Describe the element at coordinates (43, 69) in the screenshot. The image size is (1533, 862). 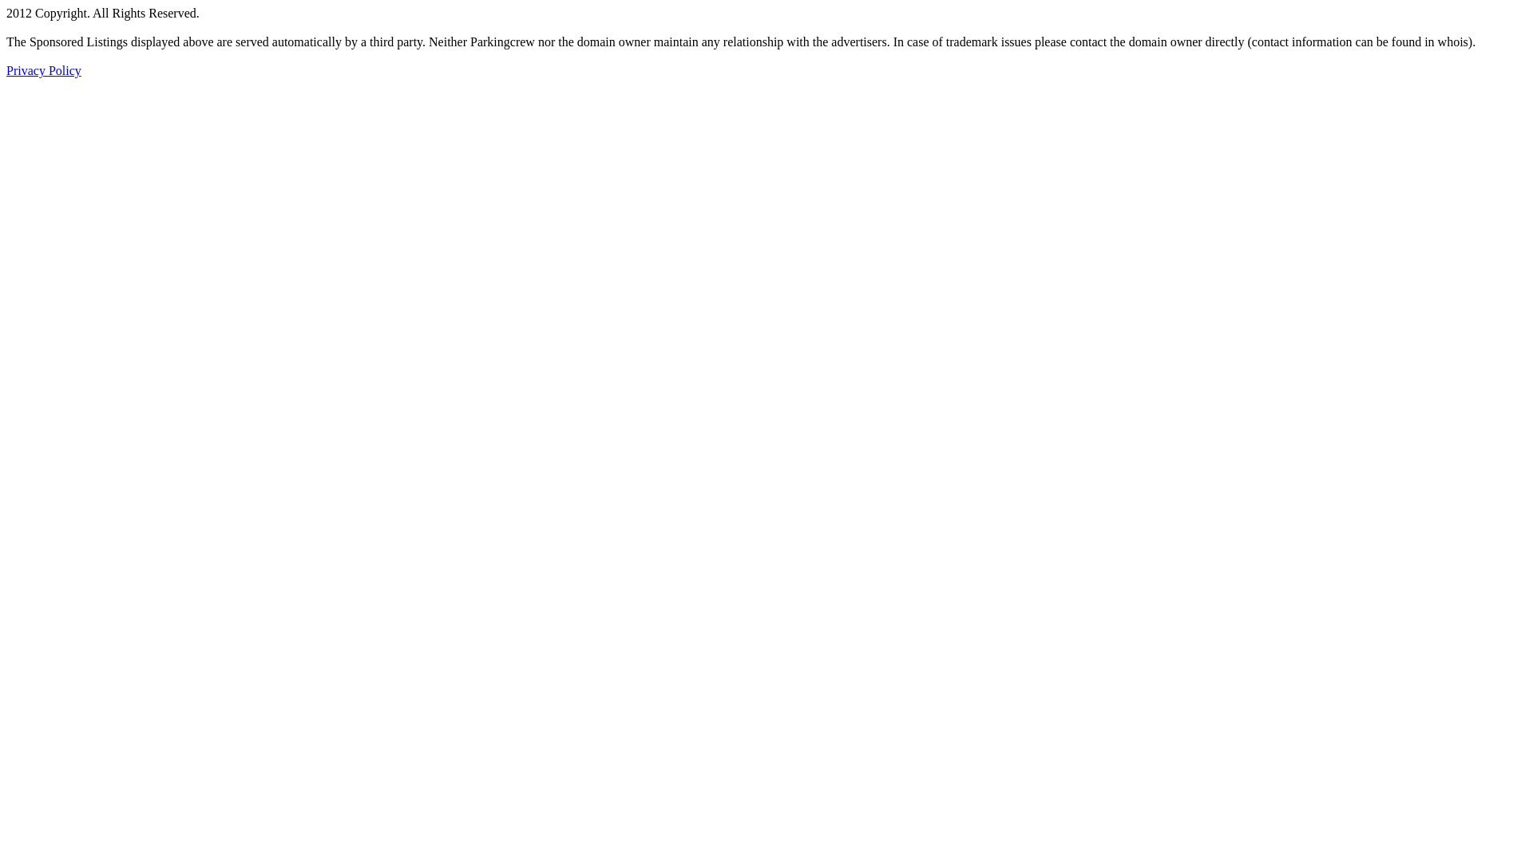
I see `'Privacy Policy'` at that location.